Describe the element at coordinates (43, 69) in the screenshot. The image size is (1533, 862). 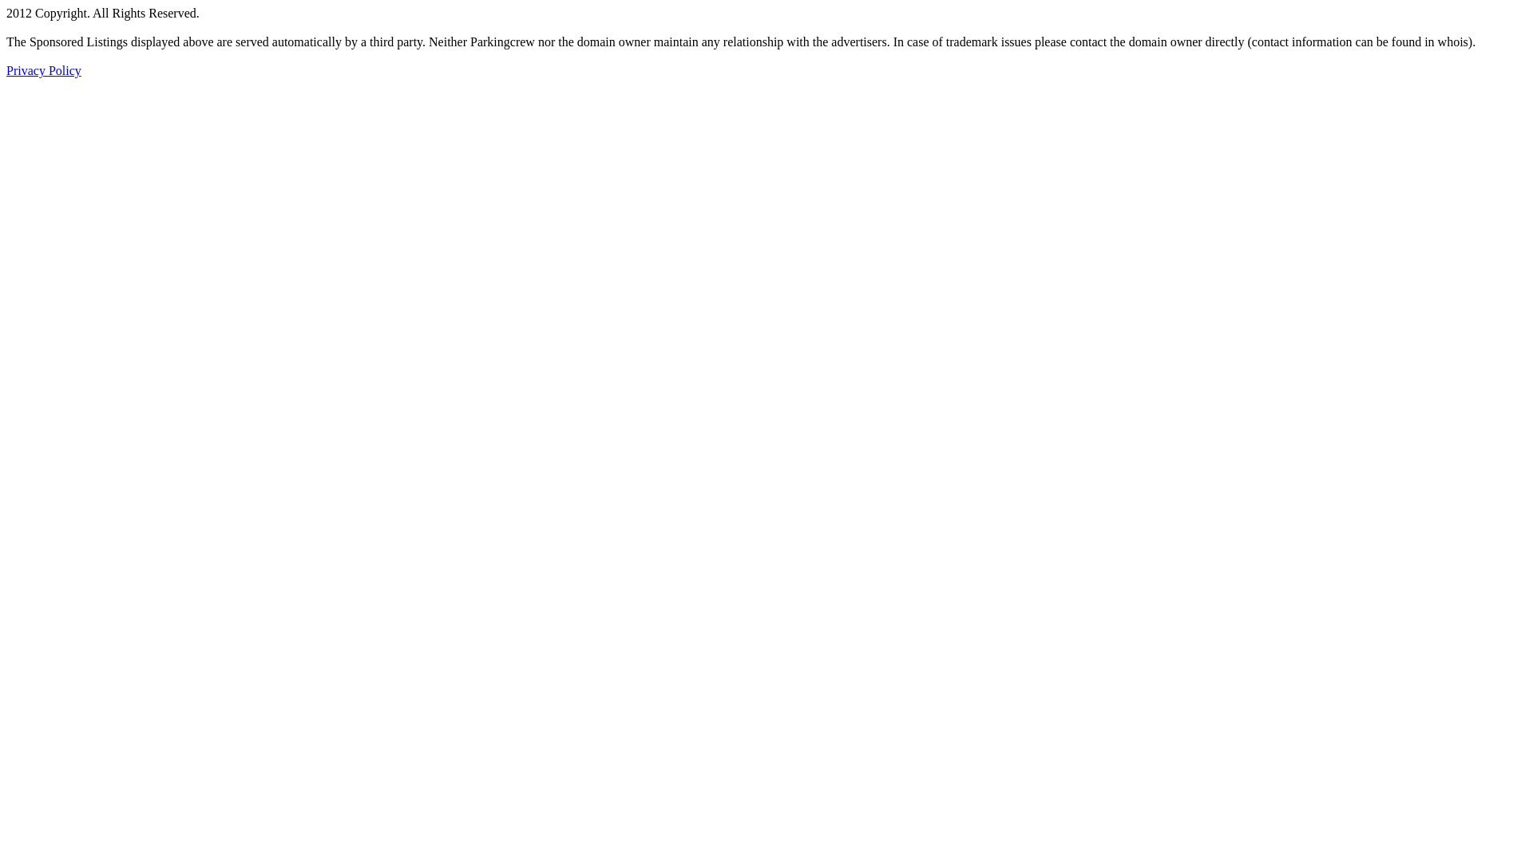
I see `'Privacy Policy'` at that location.